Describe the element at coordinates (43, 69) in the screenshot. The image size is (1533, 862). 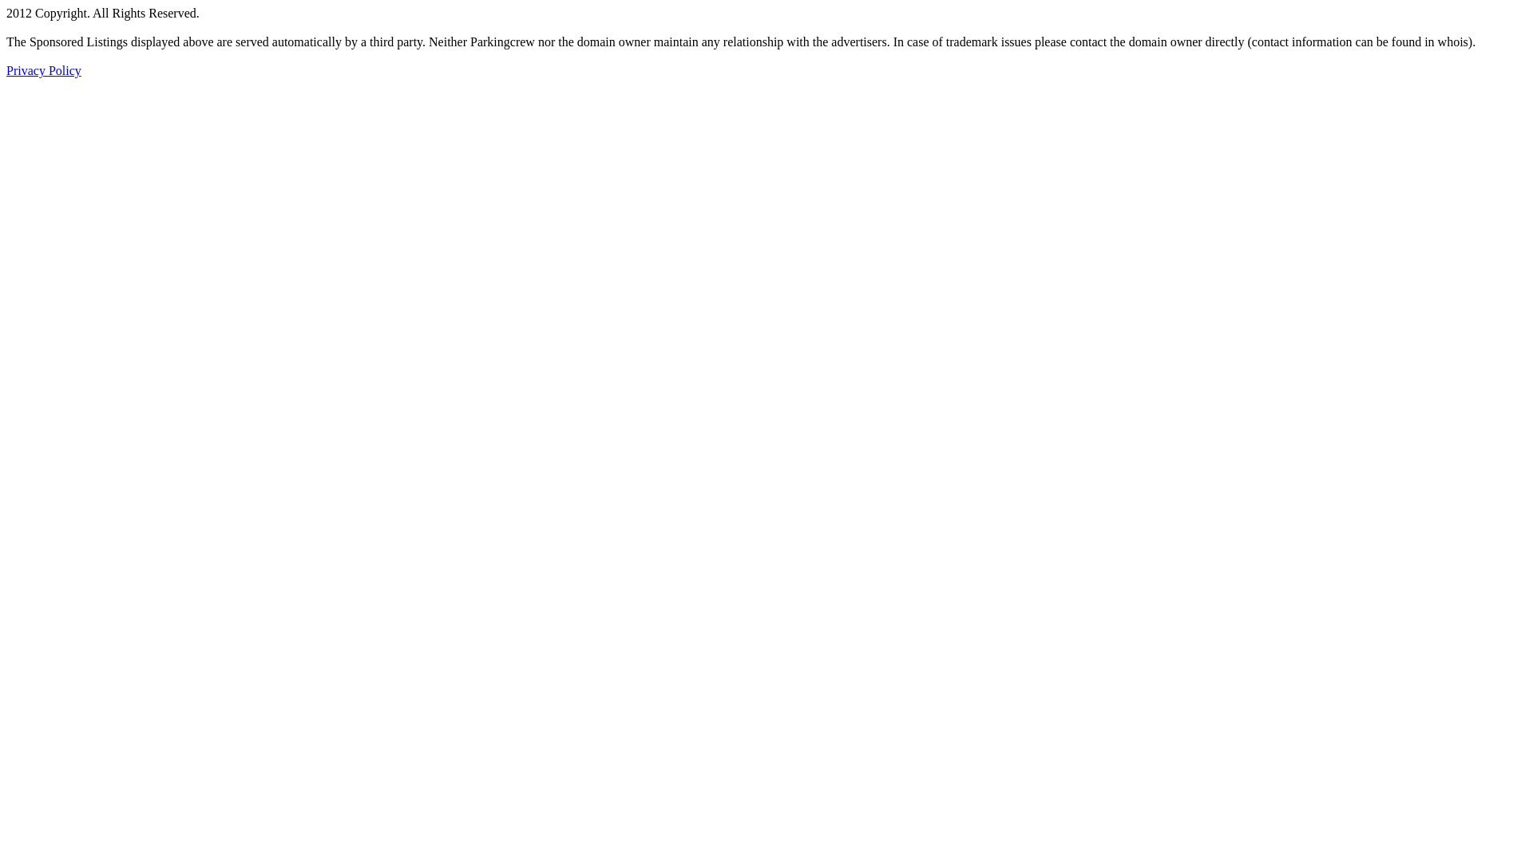
I see `'Privacy Policy'` at that location.